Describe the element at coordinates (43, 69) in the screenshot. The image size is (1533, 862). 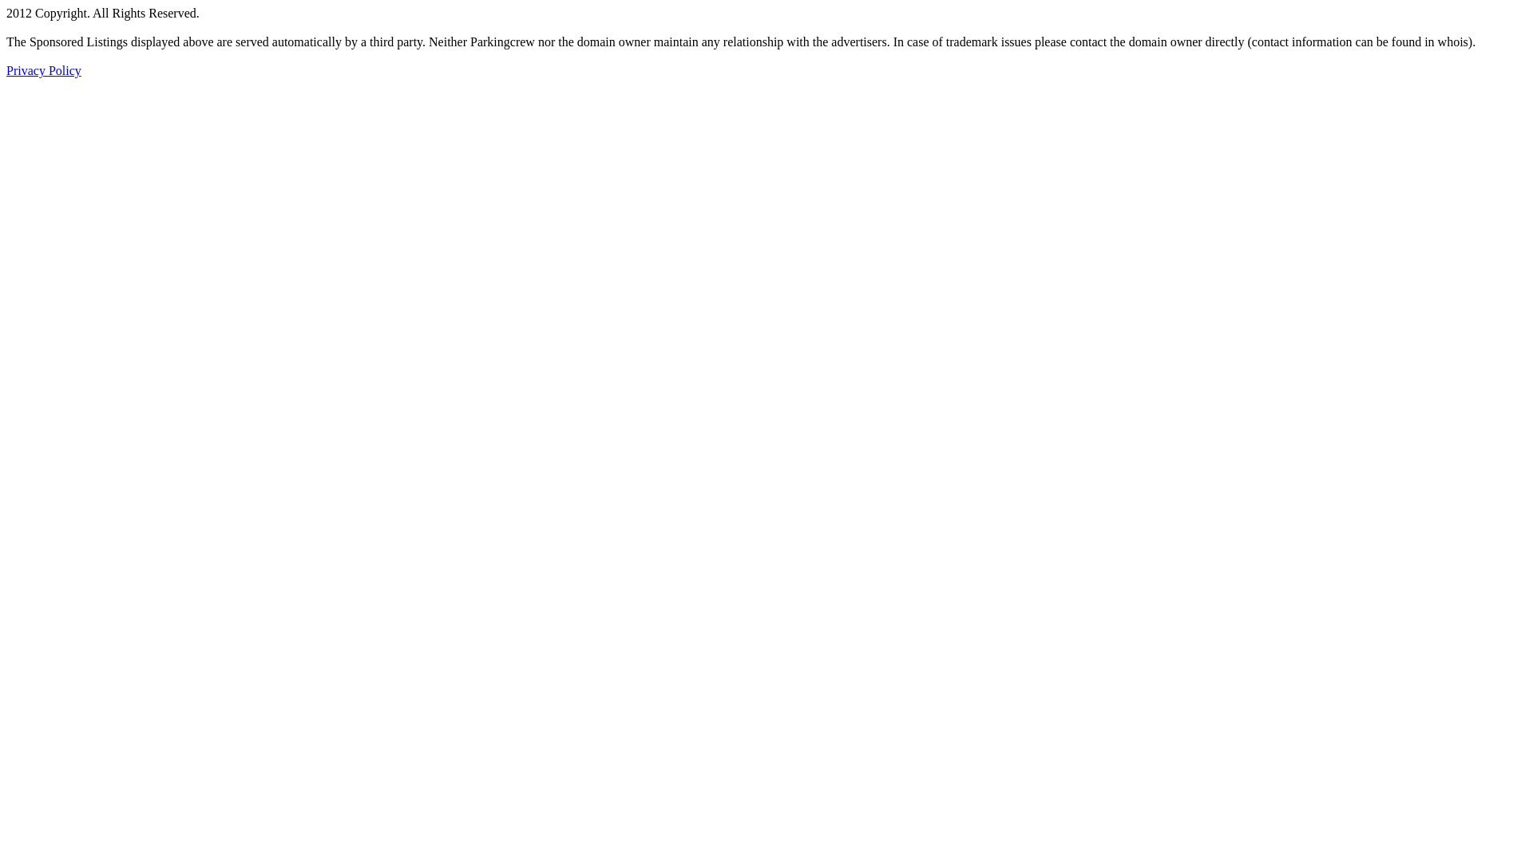
I see `'Privacy Policy'` at that location.